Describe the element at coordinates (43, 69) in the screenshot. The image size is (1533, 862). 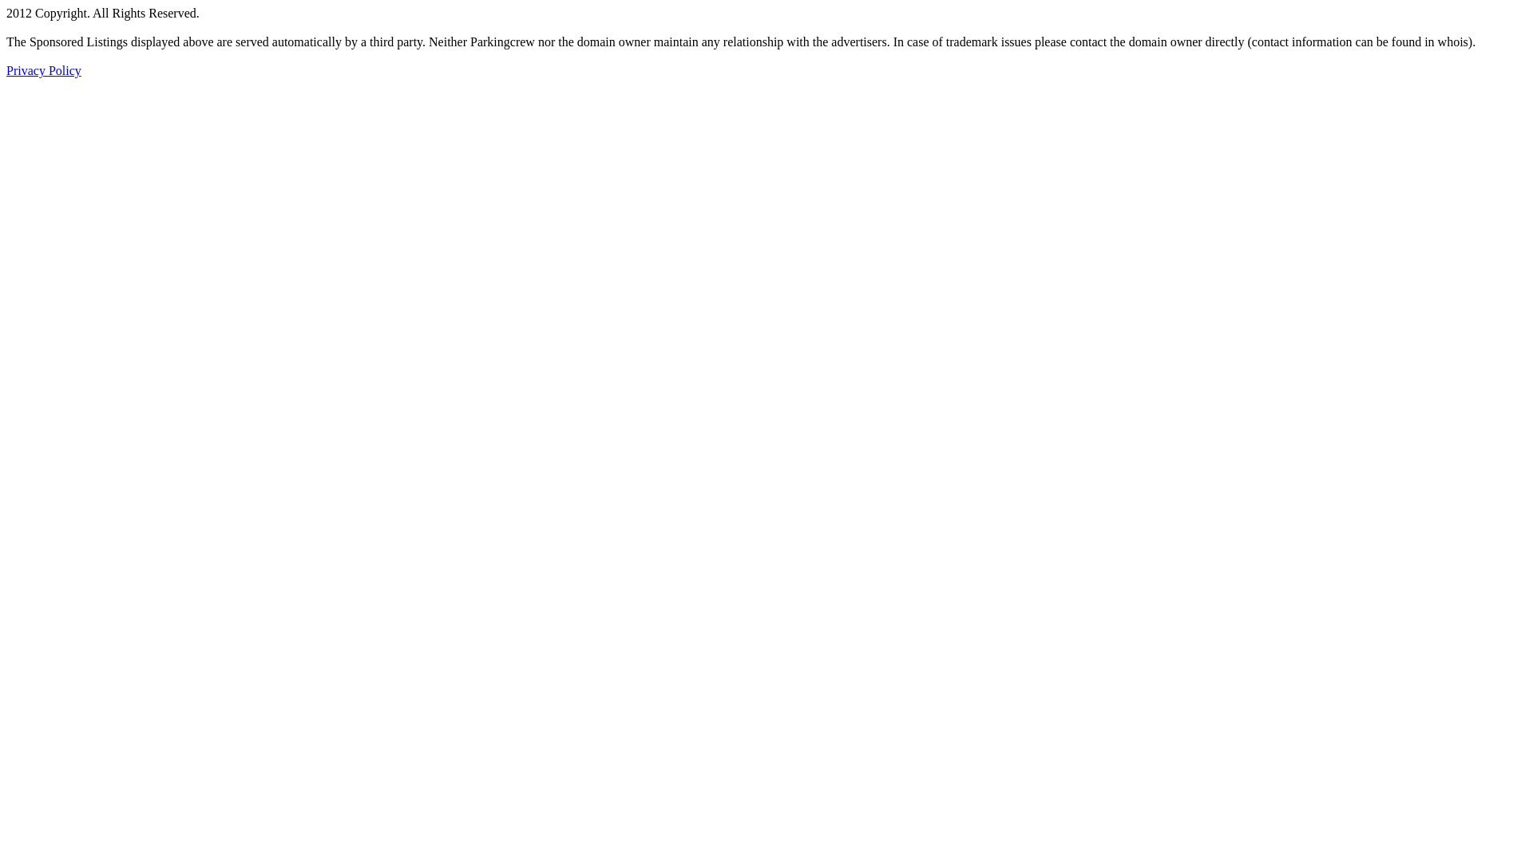
I see `'Privacy Policy'` at that location.